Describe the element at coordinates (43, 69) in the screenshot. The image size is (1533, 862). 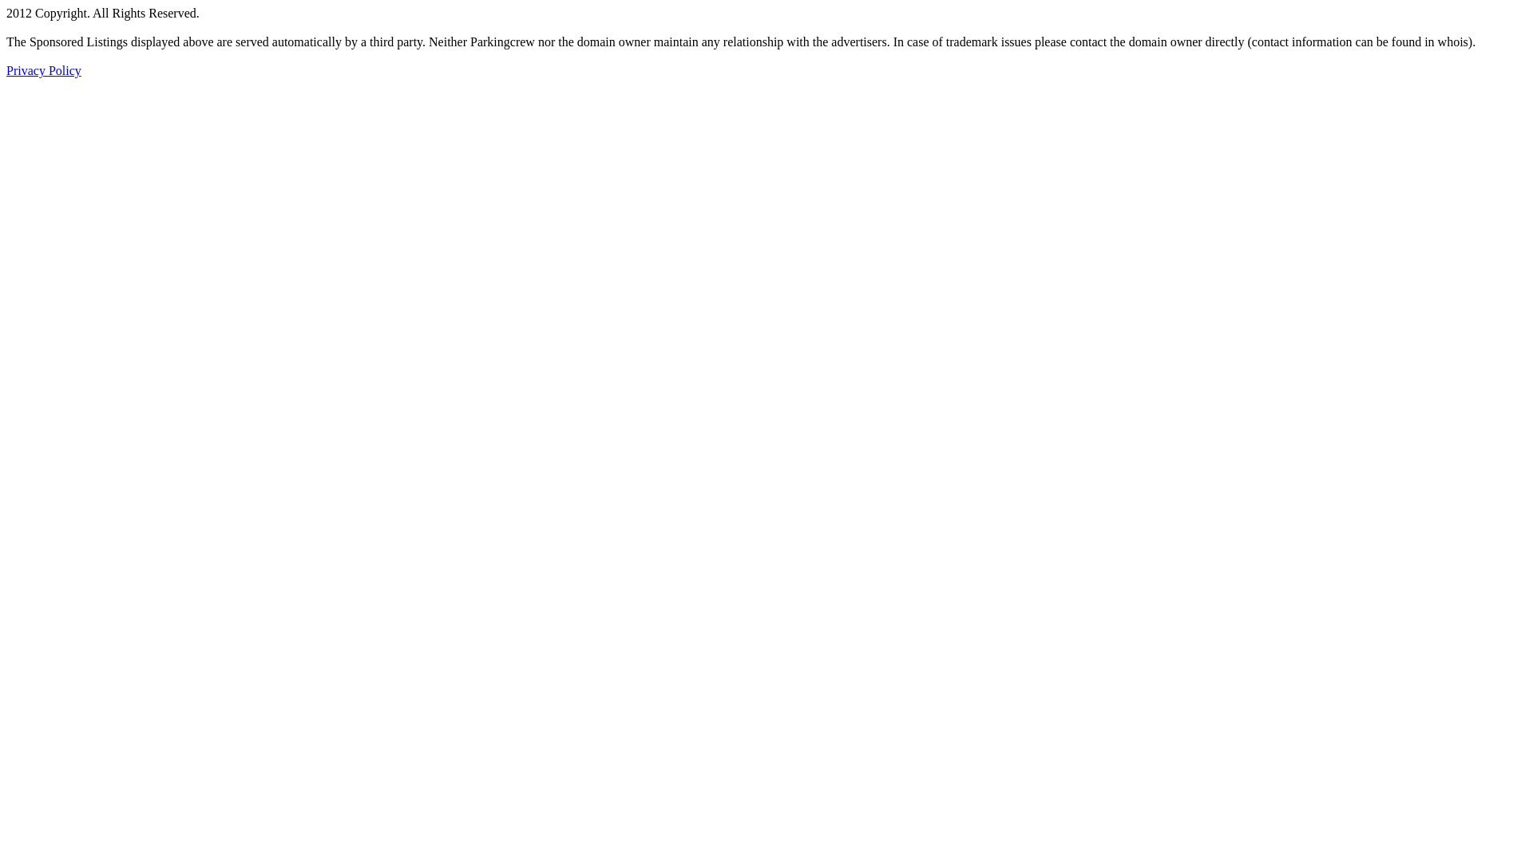
I see `'Privacy Policy'` at that location.